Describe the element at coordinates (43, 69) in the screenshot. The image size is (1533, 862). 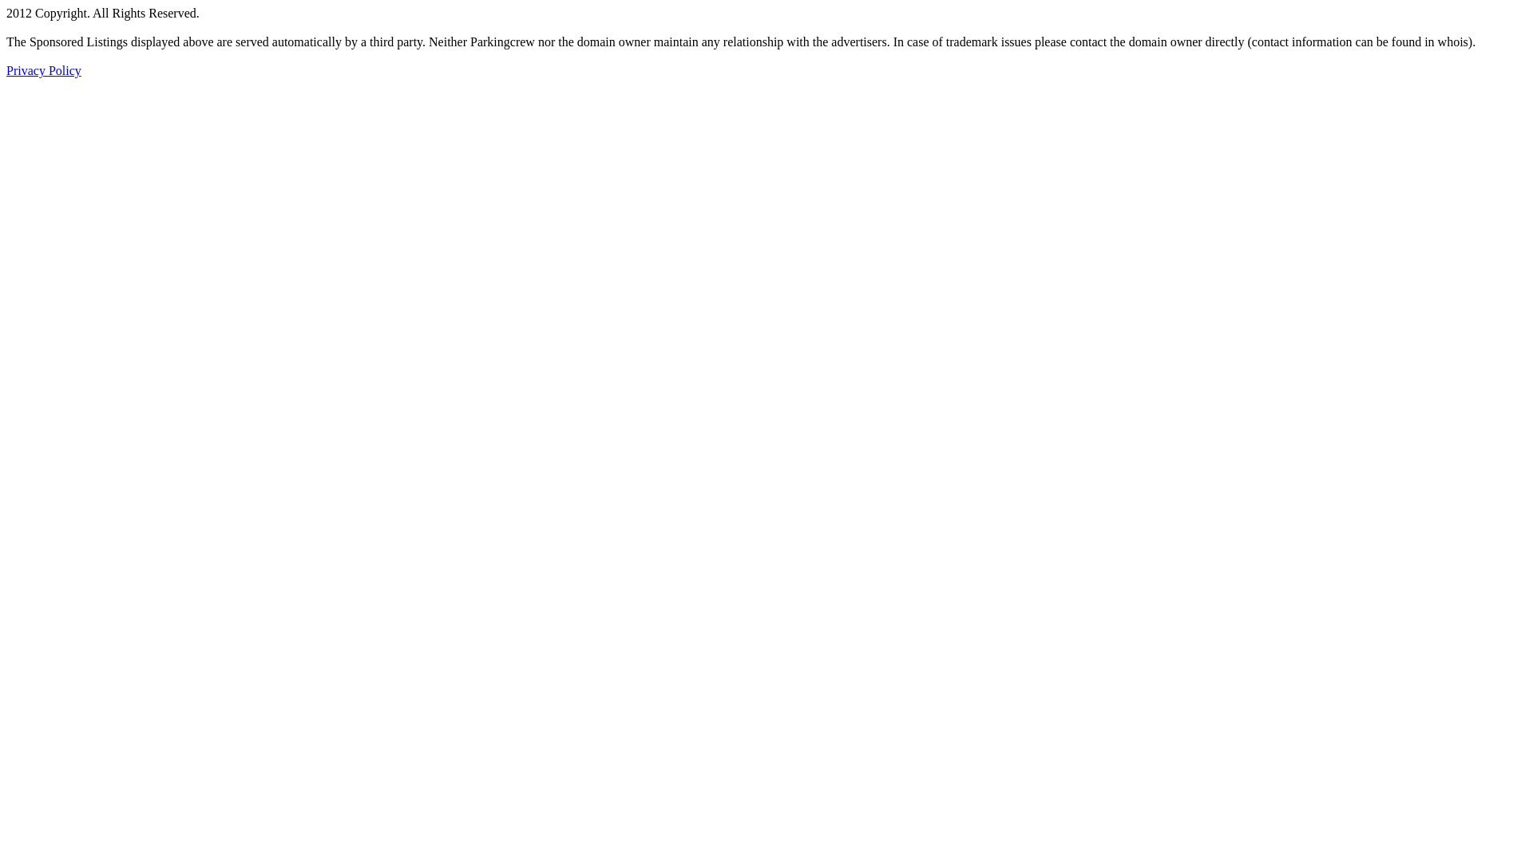
I see `'Privacy Policy'` at that location.